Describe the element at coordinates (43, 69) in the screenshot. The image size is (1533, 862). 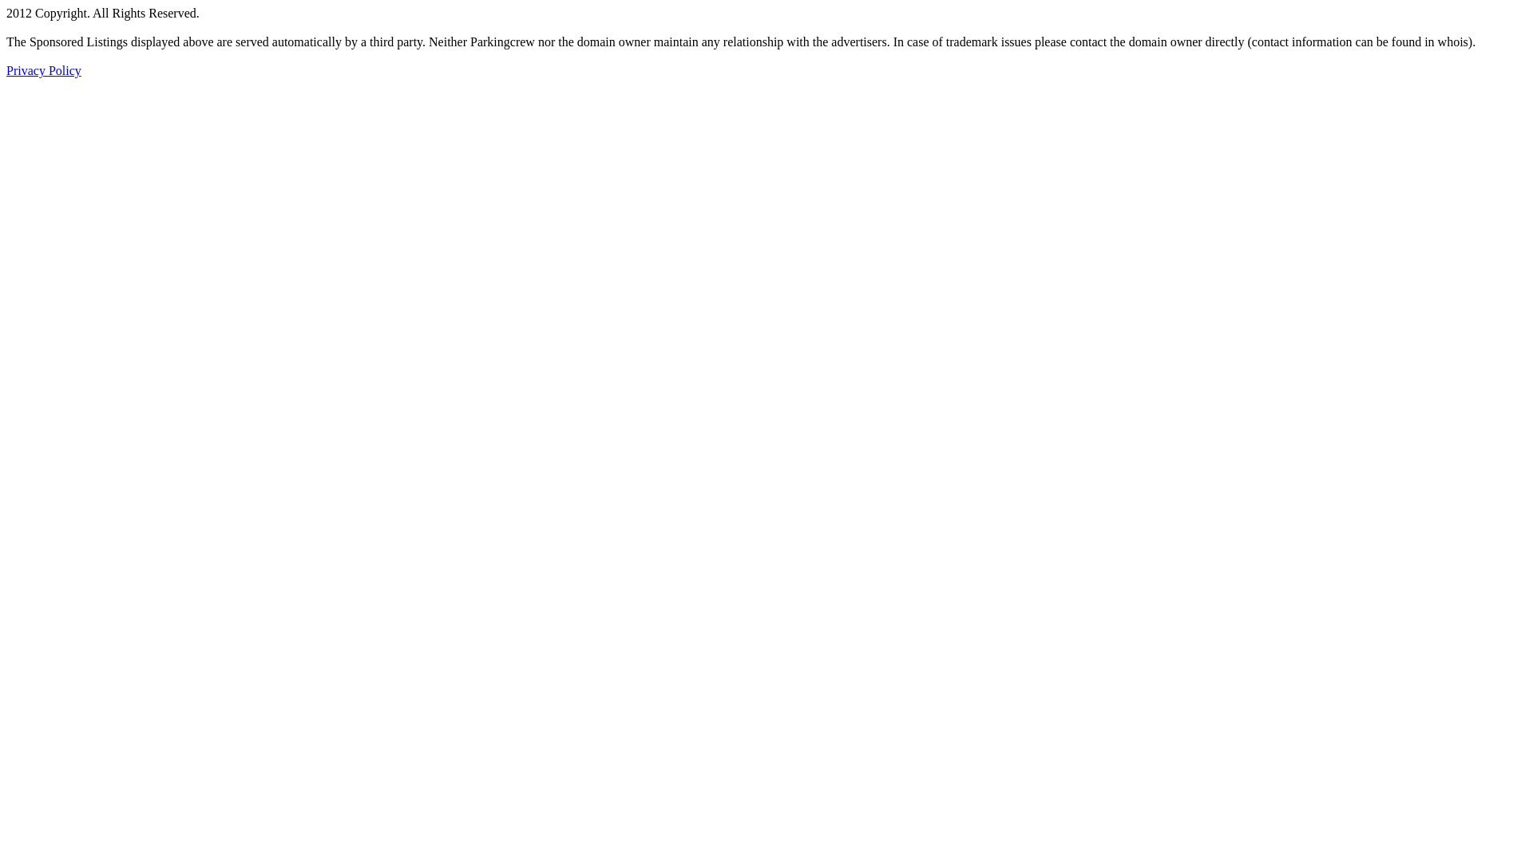
I see `'Privacy Policy'` at that location.